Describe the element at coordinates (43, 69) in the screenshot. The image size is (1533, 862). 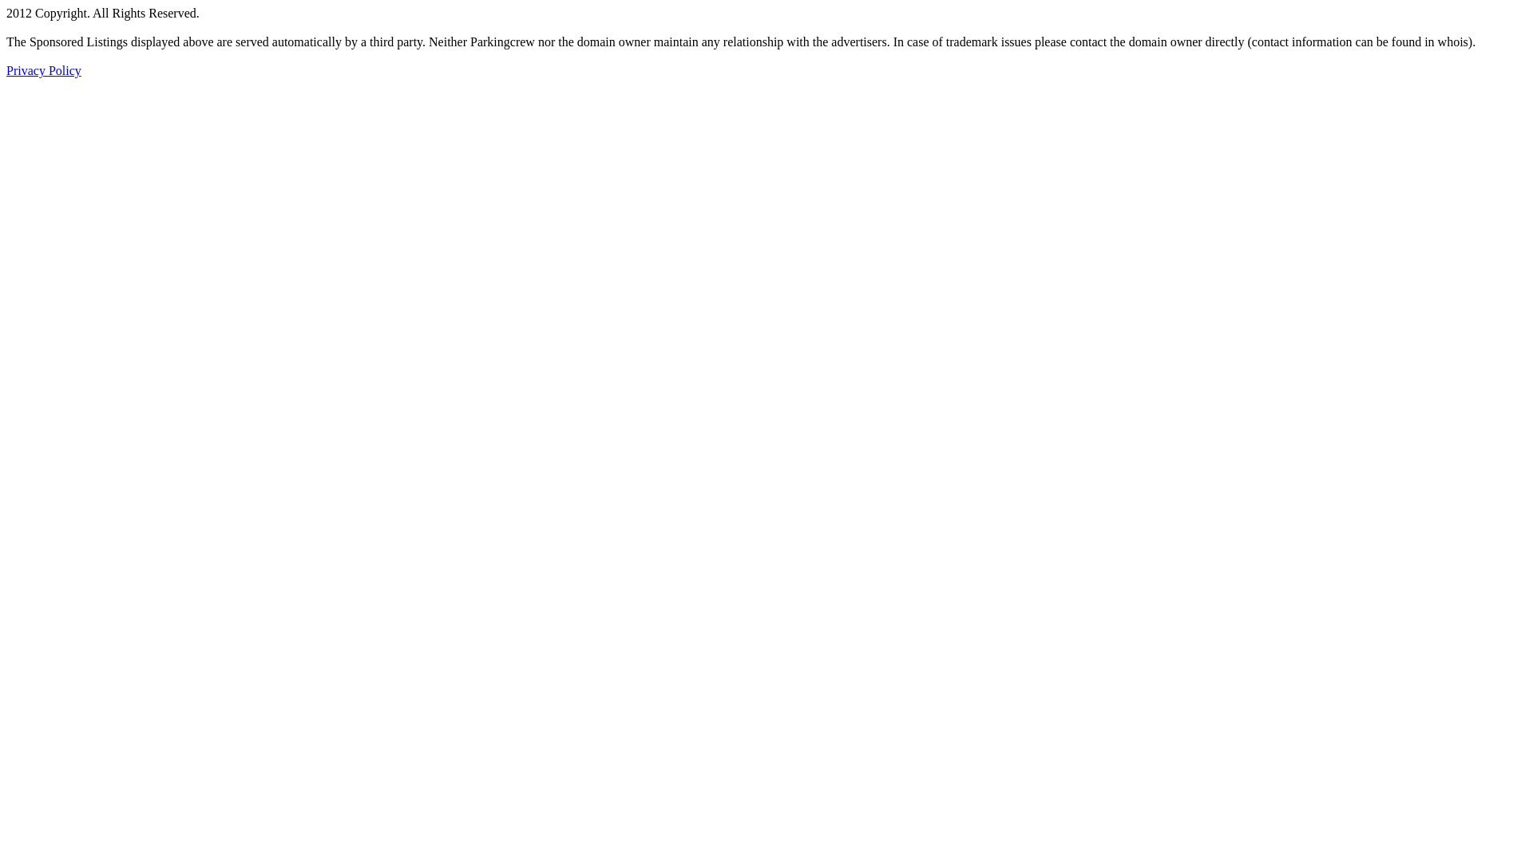
I see `'Privacy Policy'` at that location.